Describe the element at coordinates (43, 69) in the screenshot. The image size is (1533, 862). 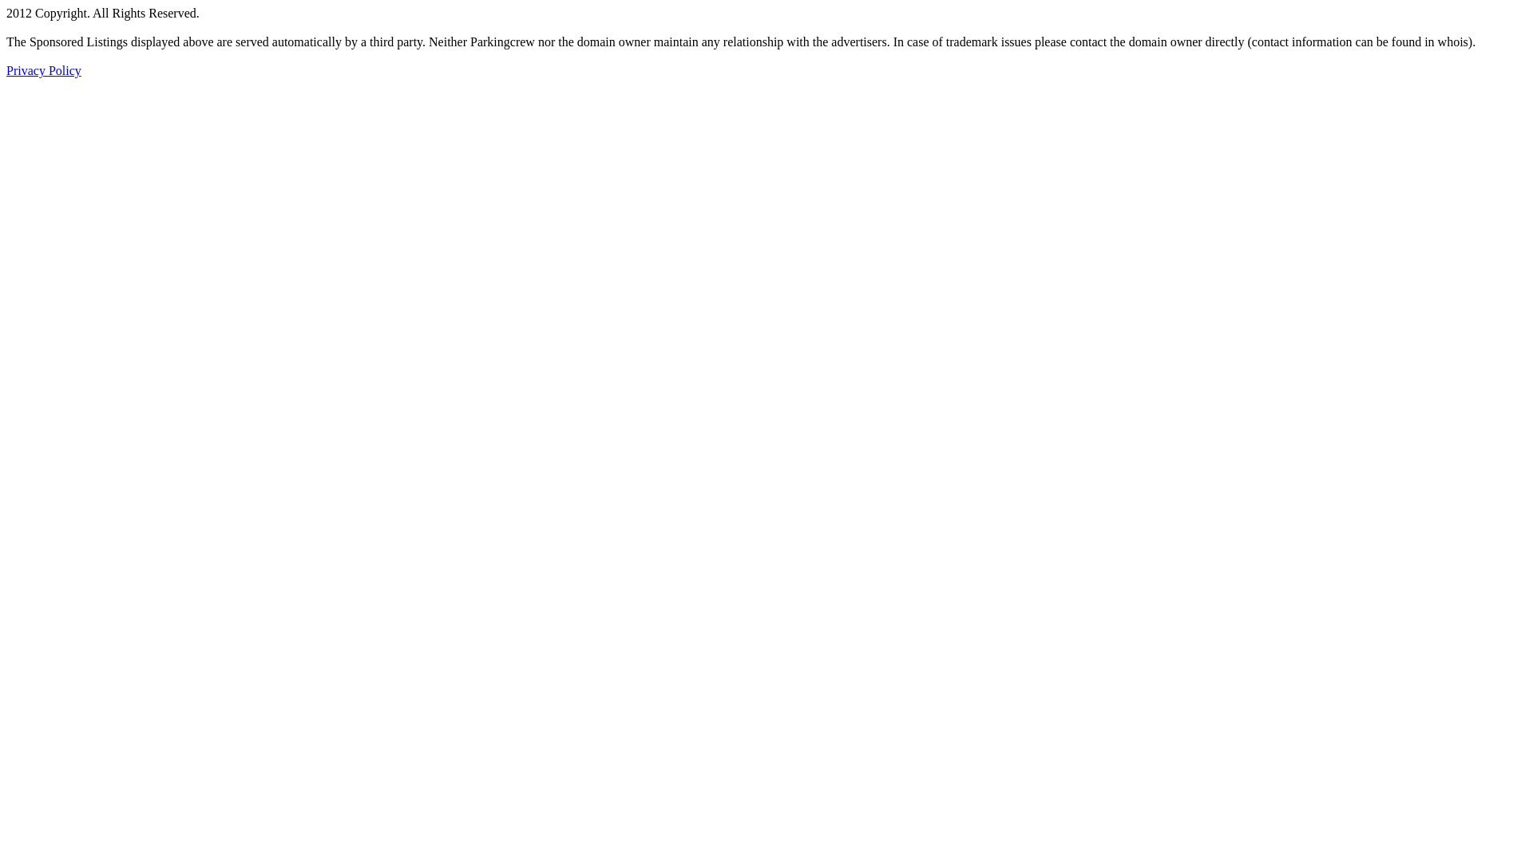
I see `'Privacy Policy'` at that location.